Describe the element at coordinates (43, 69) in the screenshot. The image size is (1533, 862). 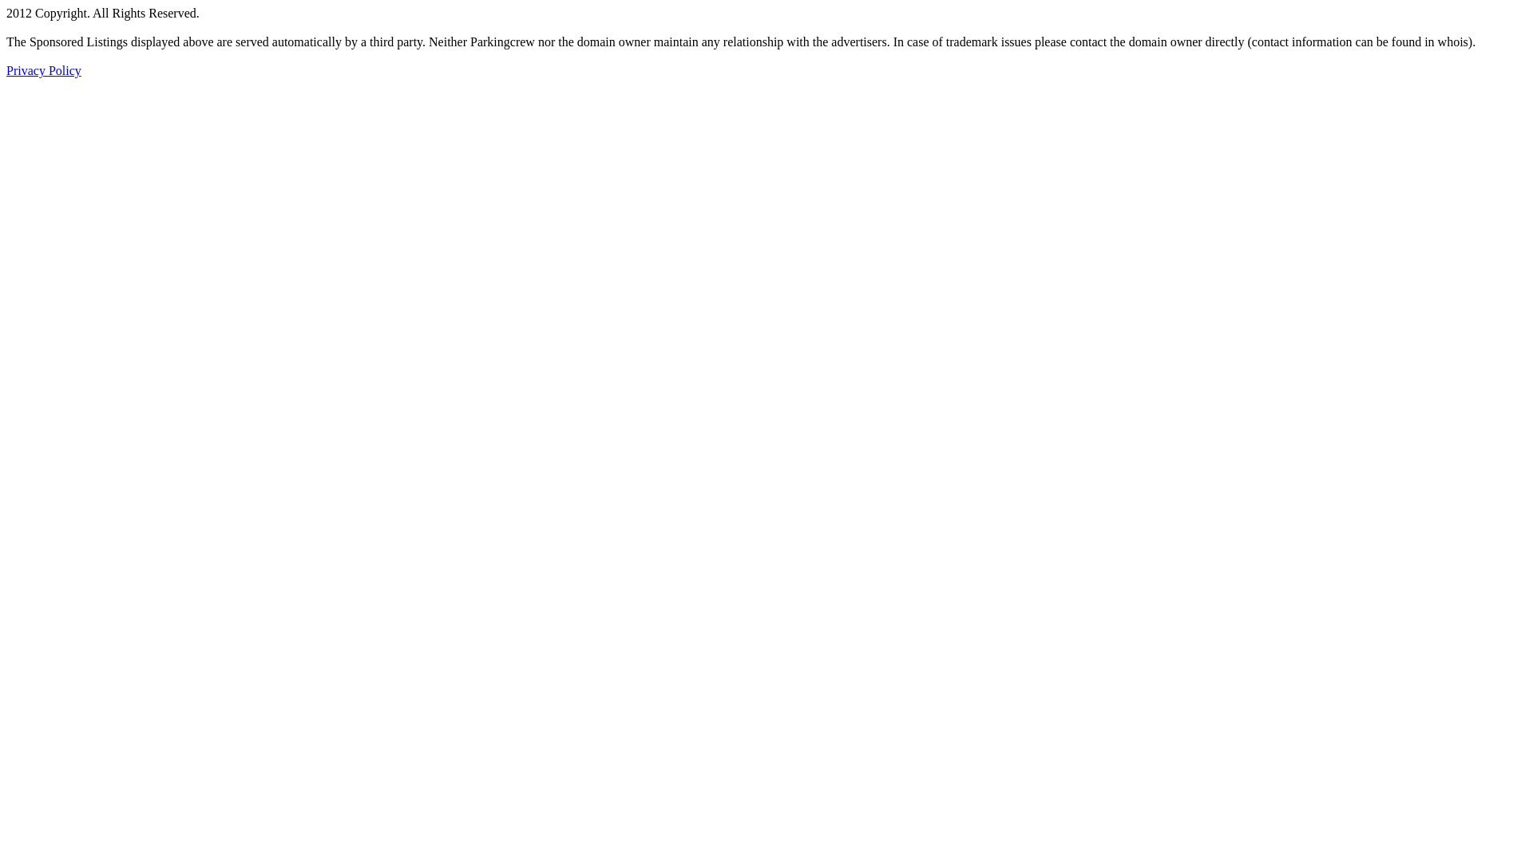
I see `'Privacy Policy'` at that location.